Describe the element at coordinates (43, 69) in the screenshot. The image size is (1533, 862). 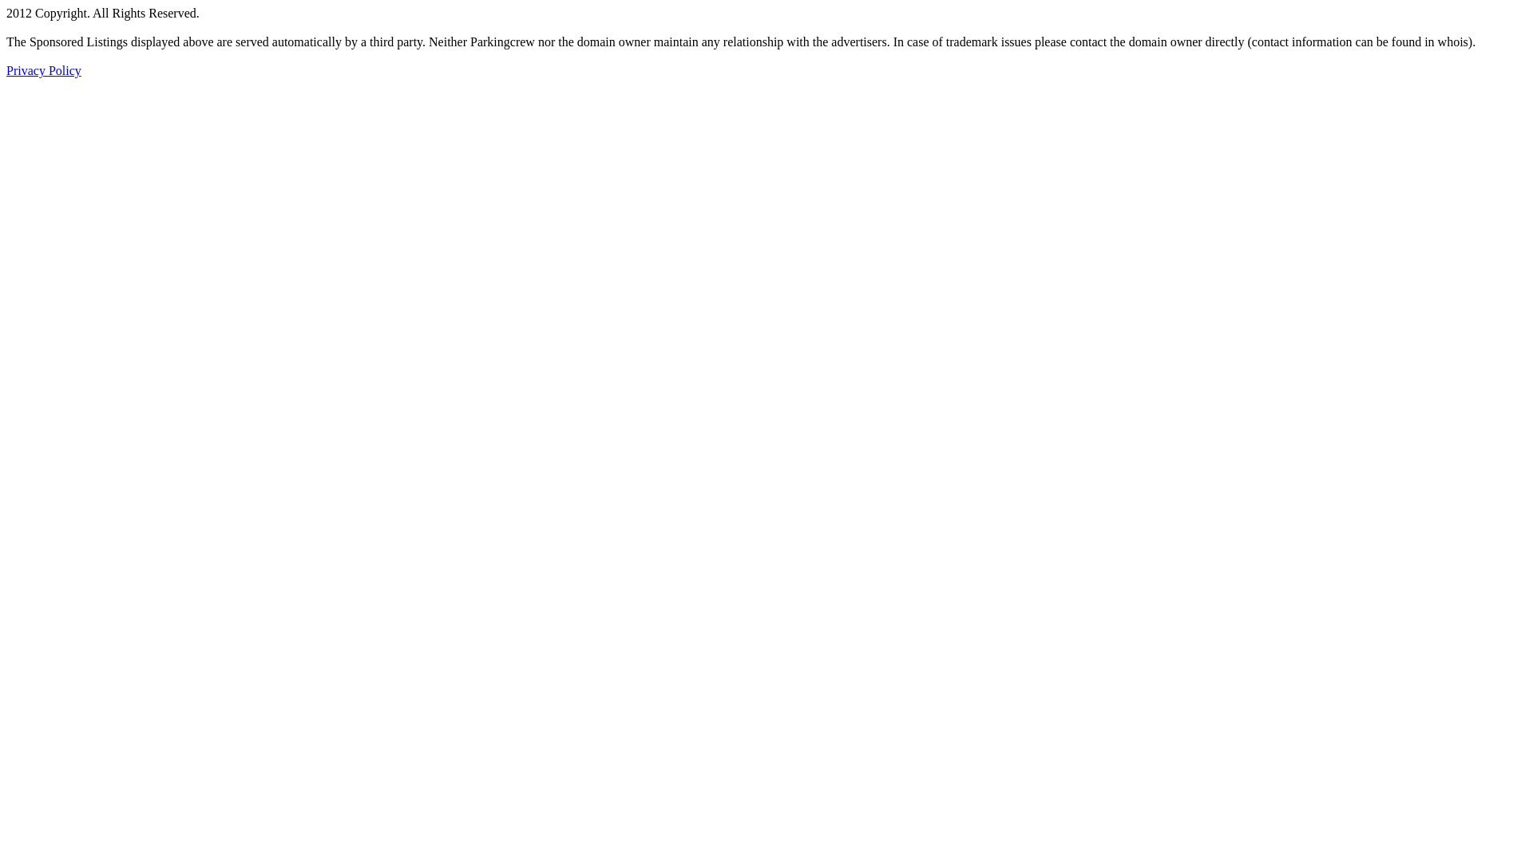
I see `'Privacy Policy'` at that location.